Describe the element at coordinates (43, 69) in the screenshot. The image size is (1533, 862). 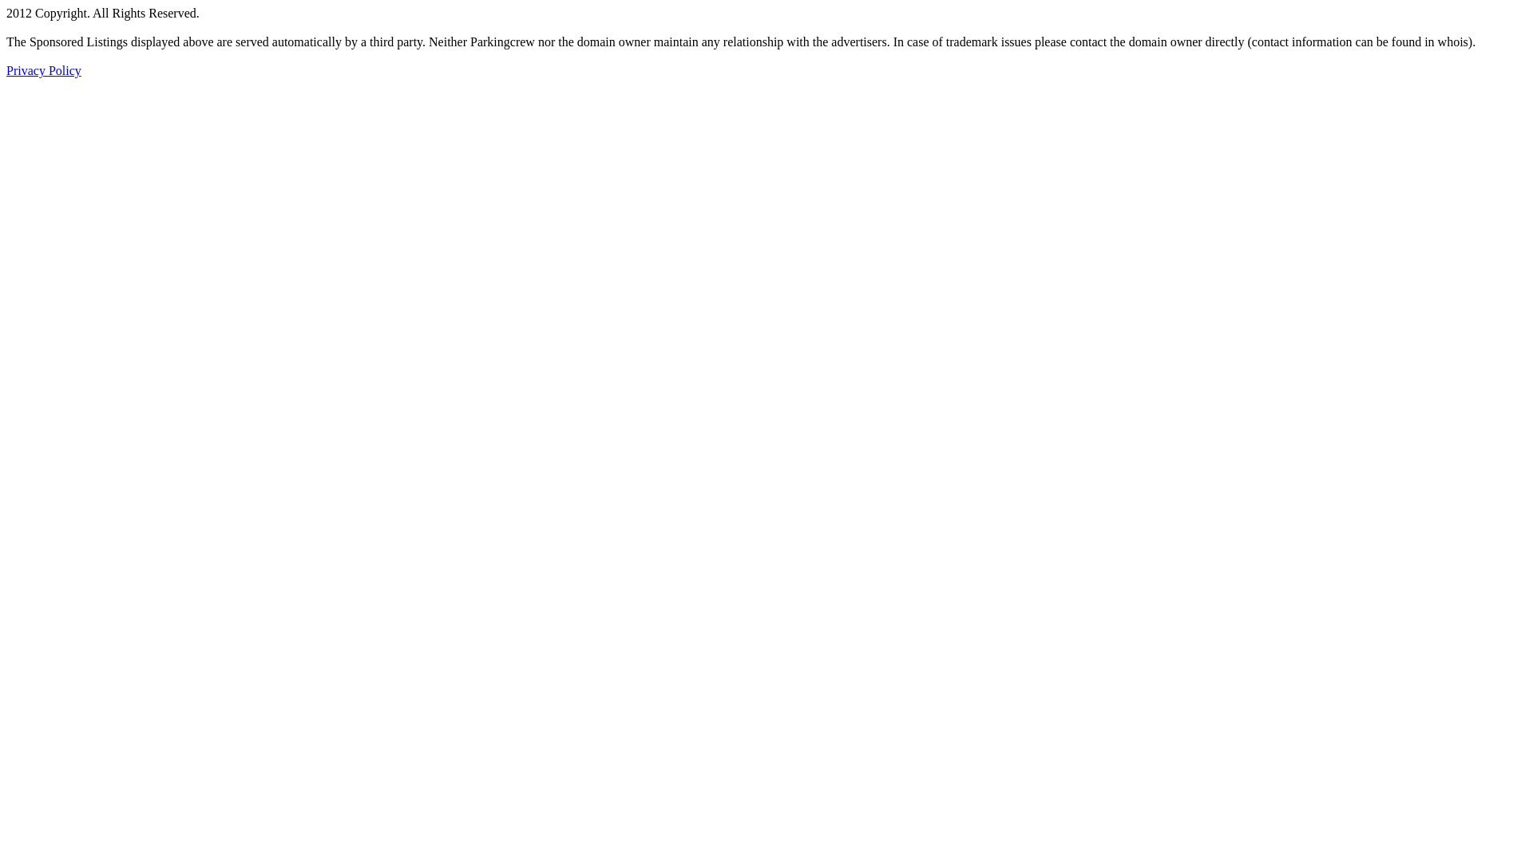
I see `'Privacy Policy'` at that location.